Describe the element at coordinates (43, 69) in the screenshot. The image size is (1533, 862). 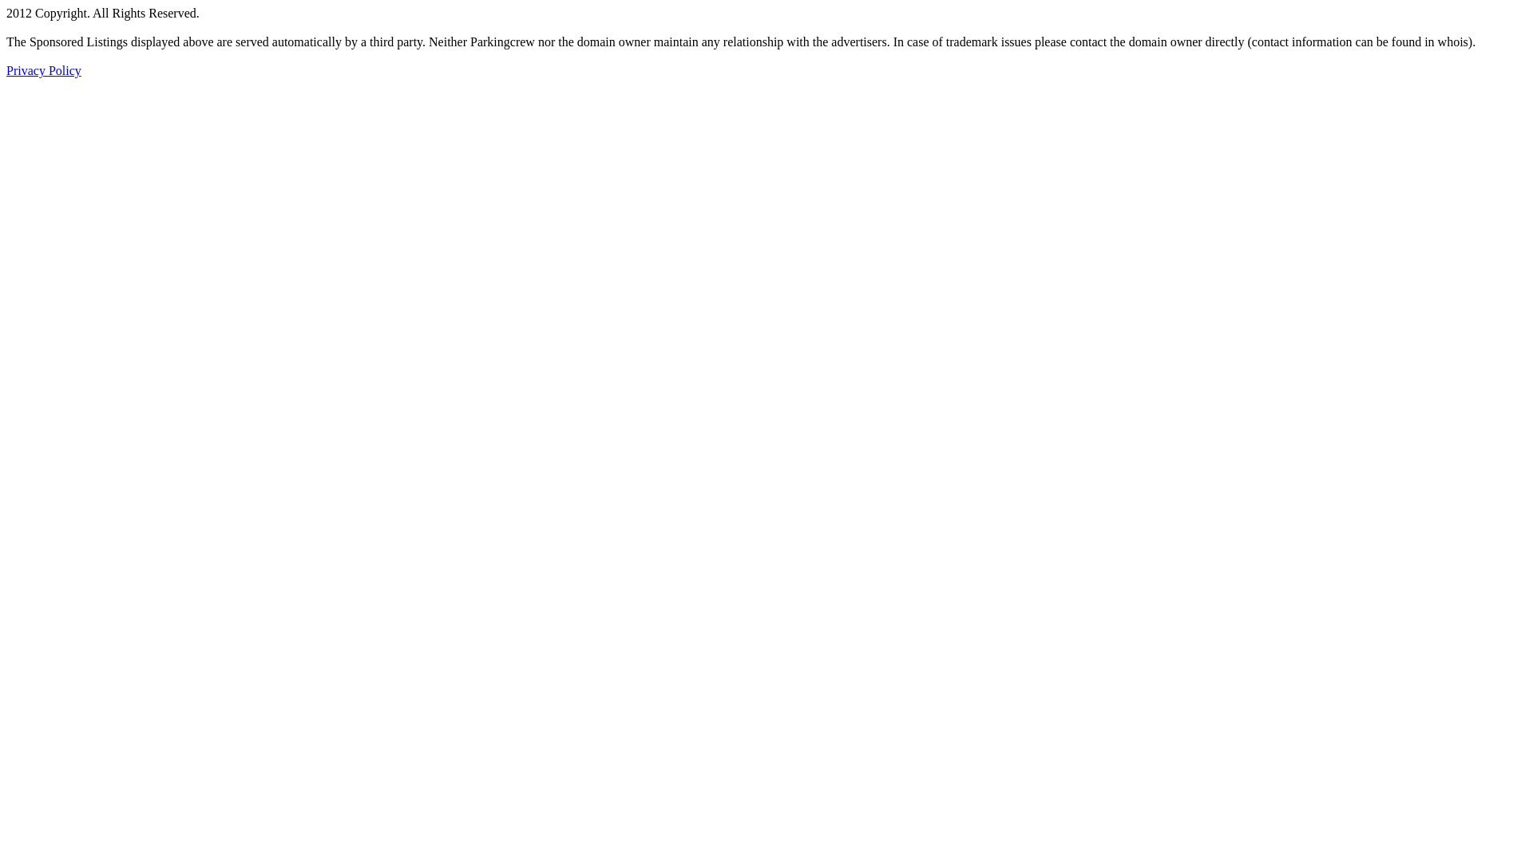
I see `'Privacy Policy'` at that location.